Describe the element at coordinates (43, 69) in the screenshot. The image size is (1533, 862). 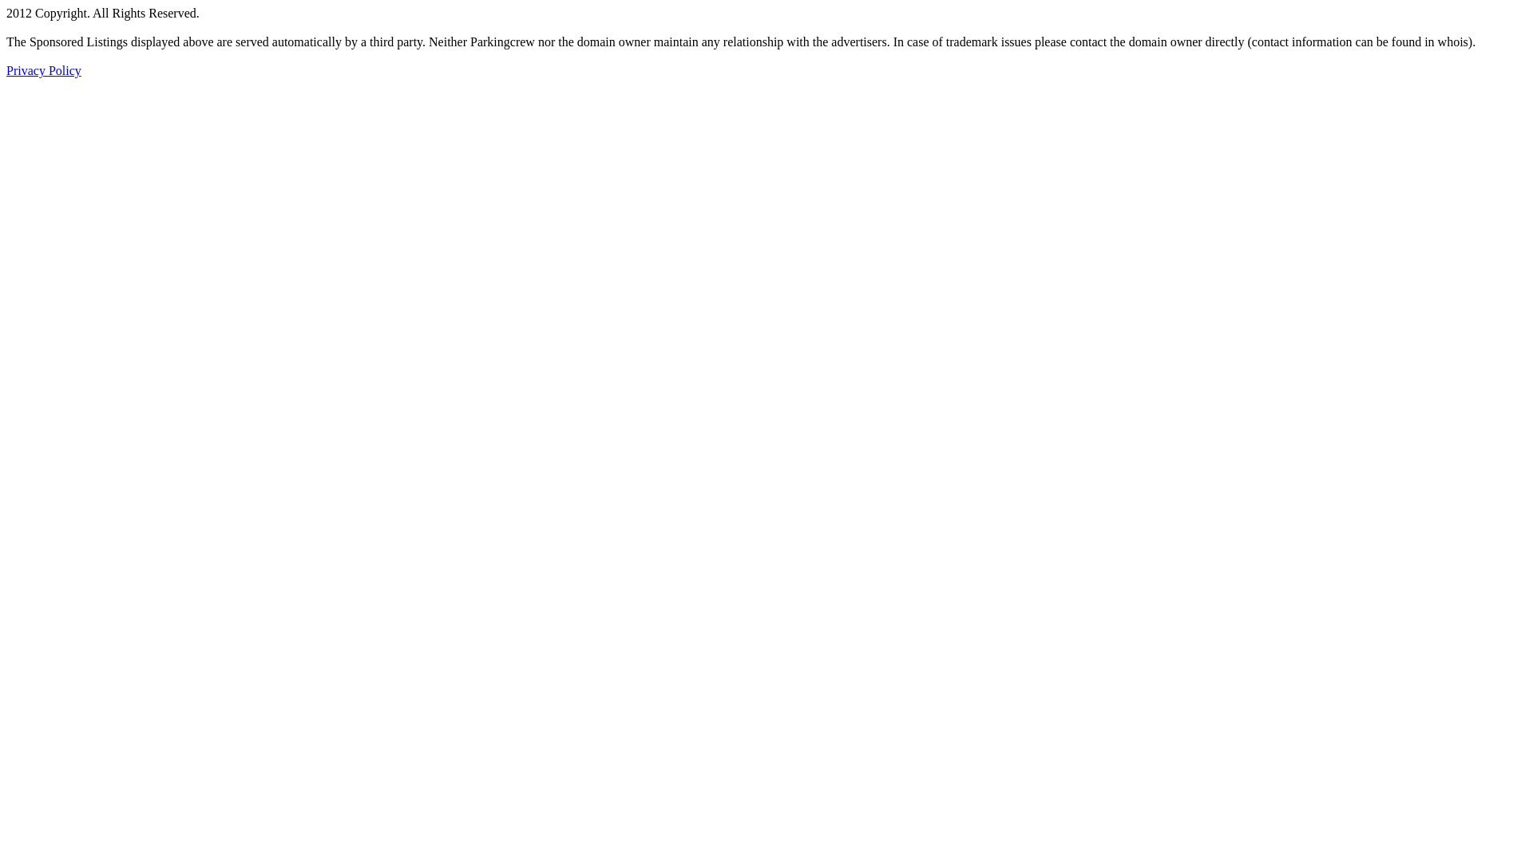
I see `'Privacy Policy'` at that location.